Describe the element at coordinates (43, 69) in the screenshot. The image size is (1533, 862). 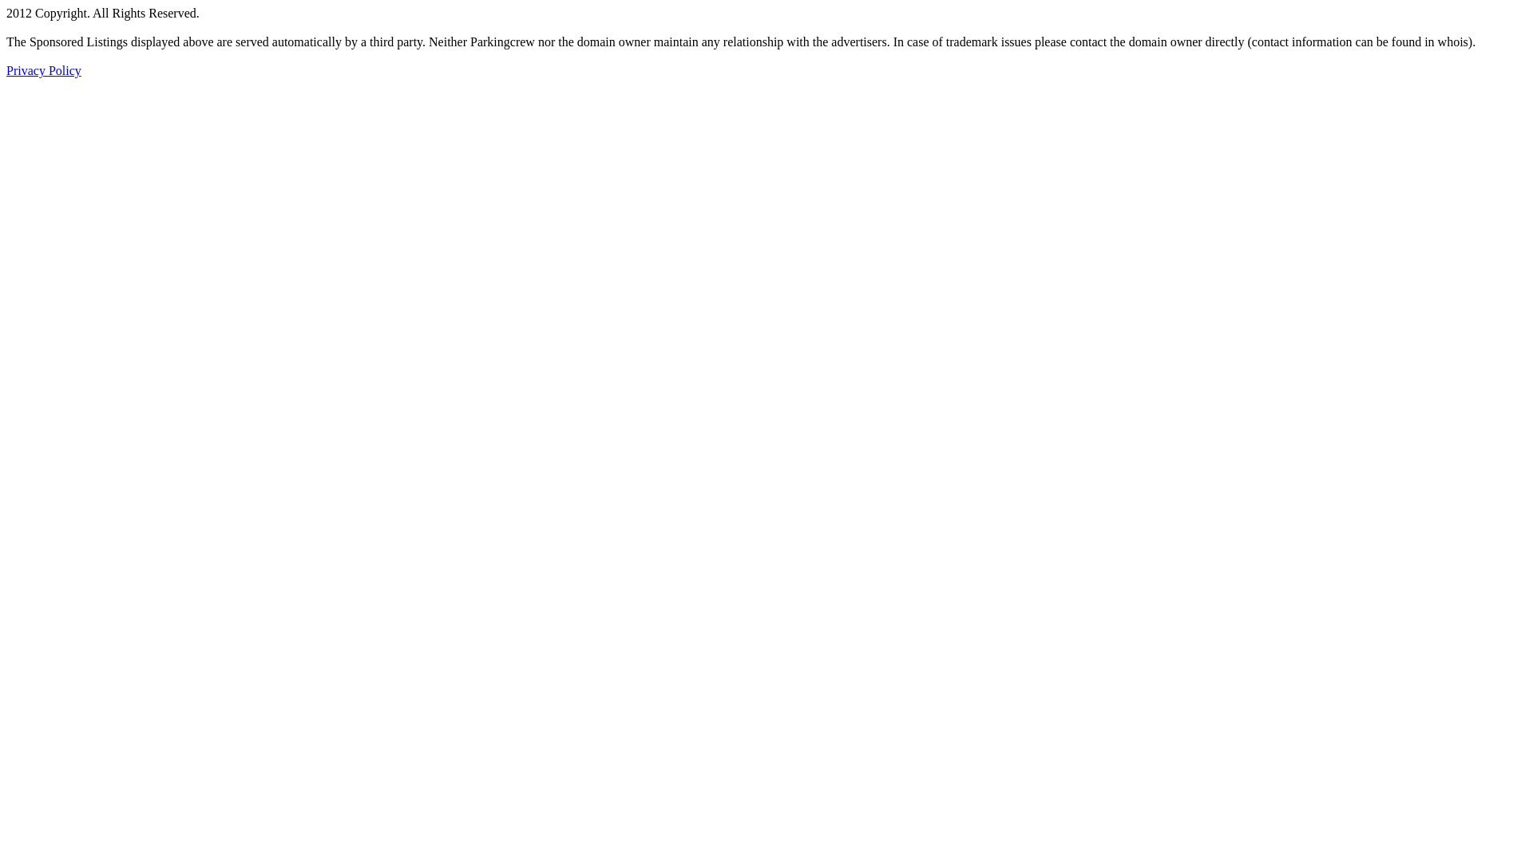
I see `'Privacy Policy'` at that location.